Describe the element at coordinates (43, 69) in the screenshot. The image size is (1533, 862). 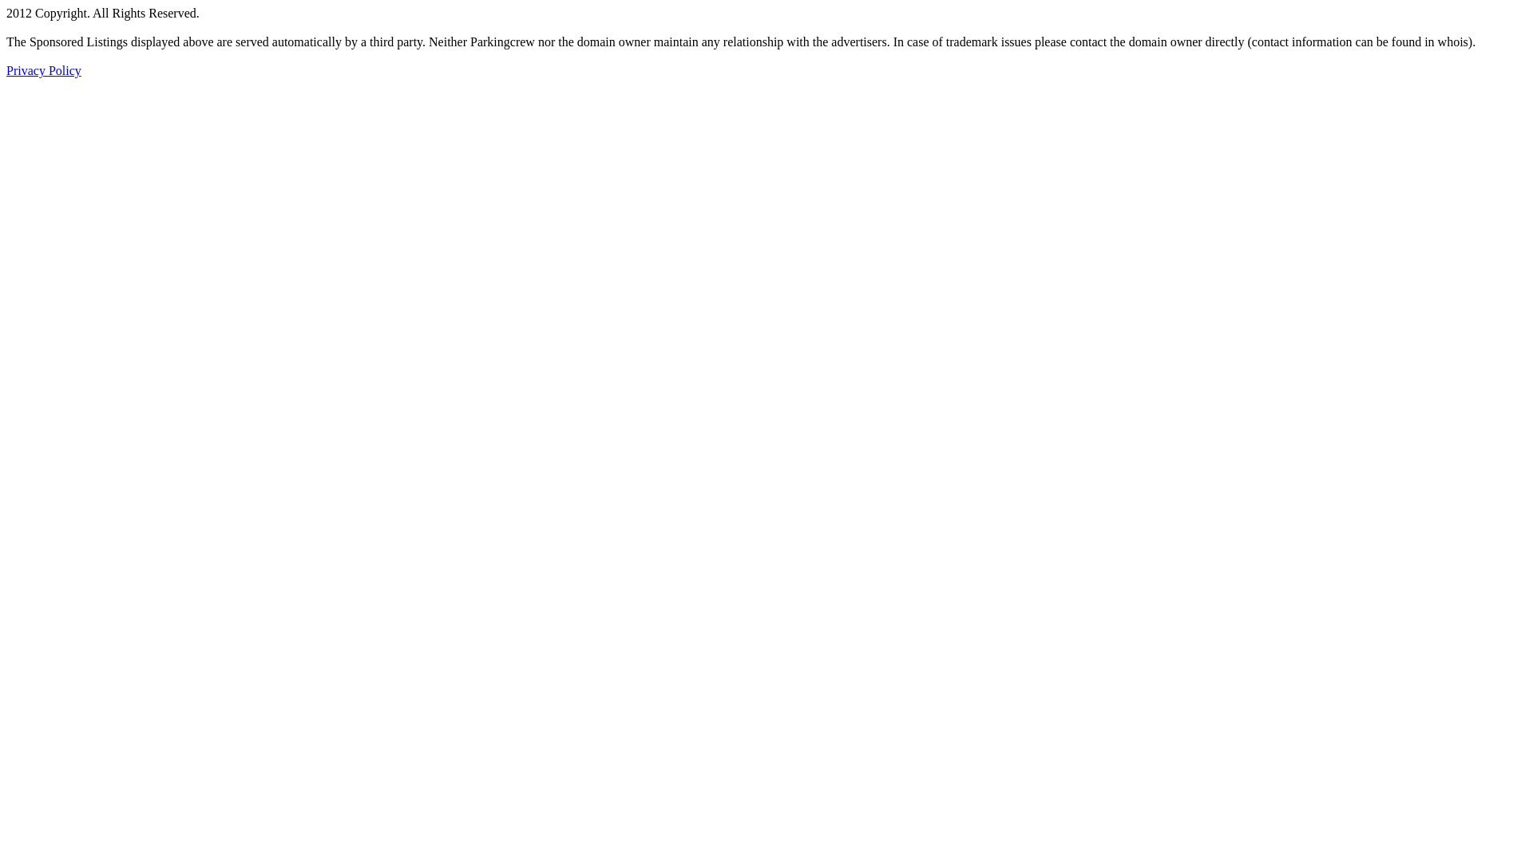
I see `'Privacy Policy'` at that location.